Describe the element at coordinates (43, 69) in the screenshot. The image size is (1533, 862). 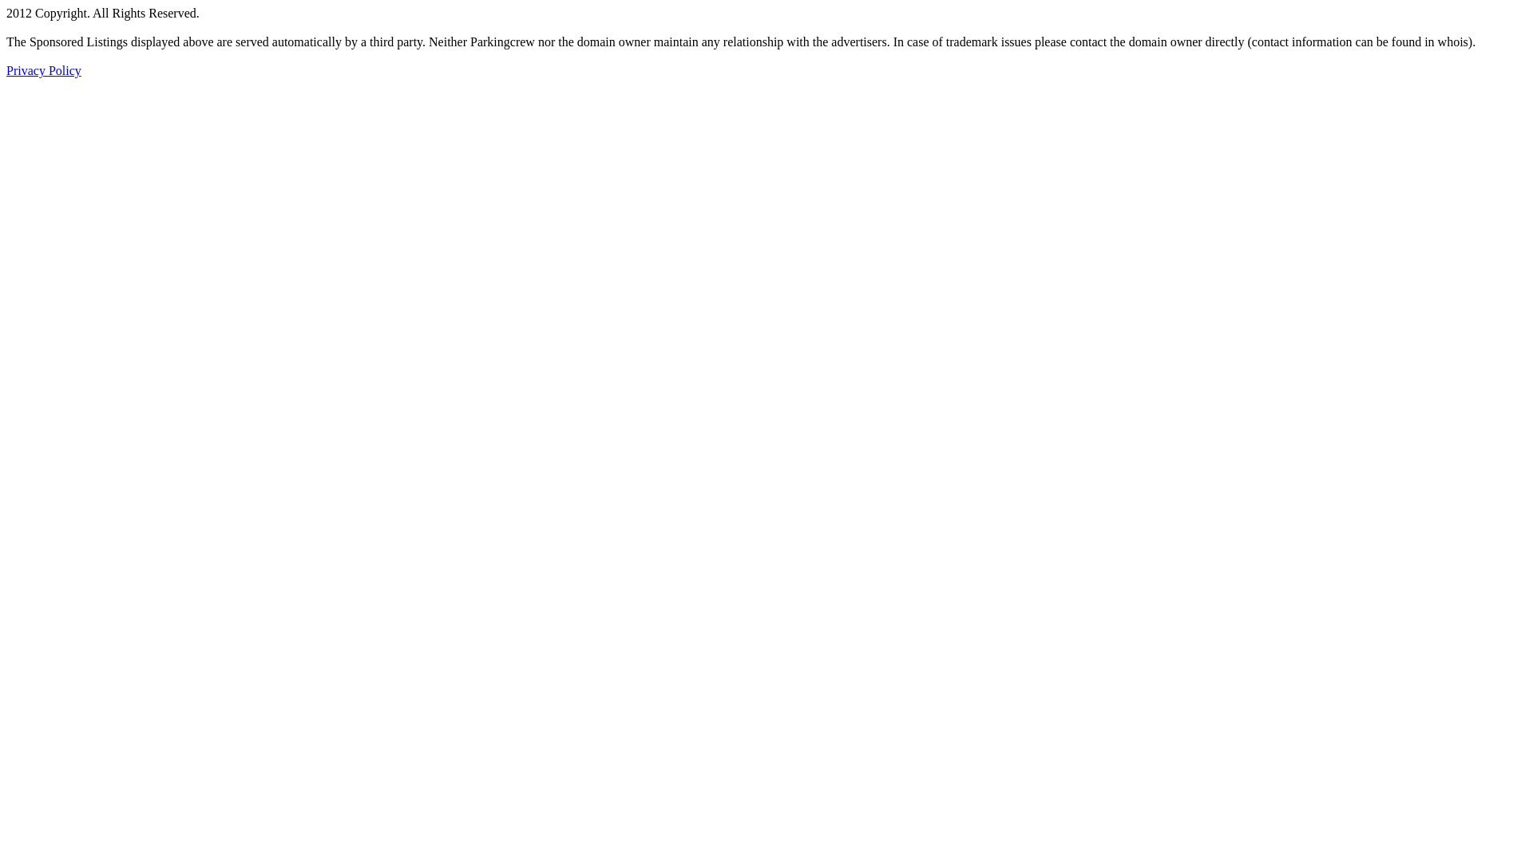
I see `'Privacy Policy'` at that location.